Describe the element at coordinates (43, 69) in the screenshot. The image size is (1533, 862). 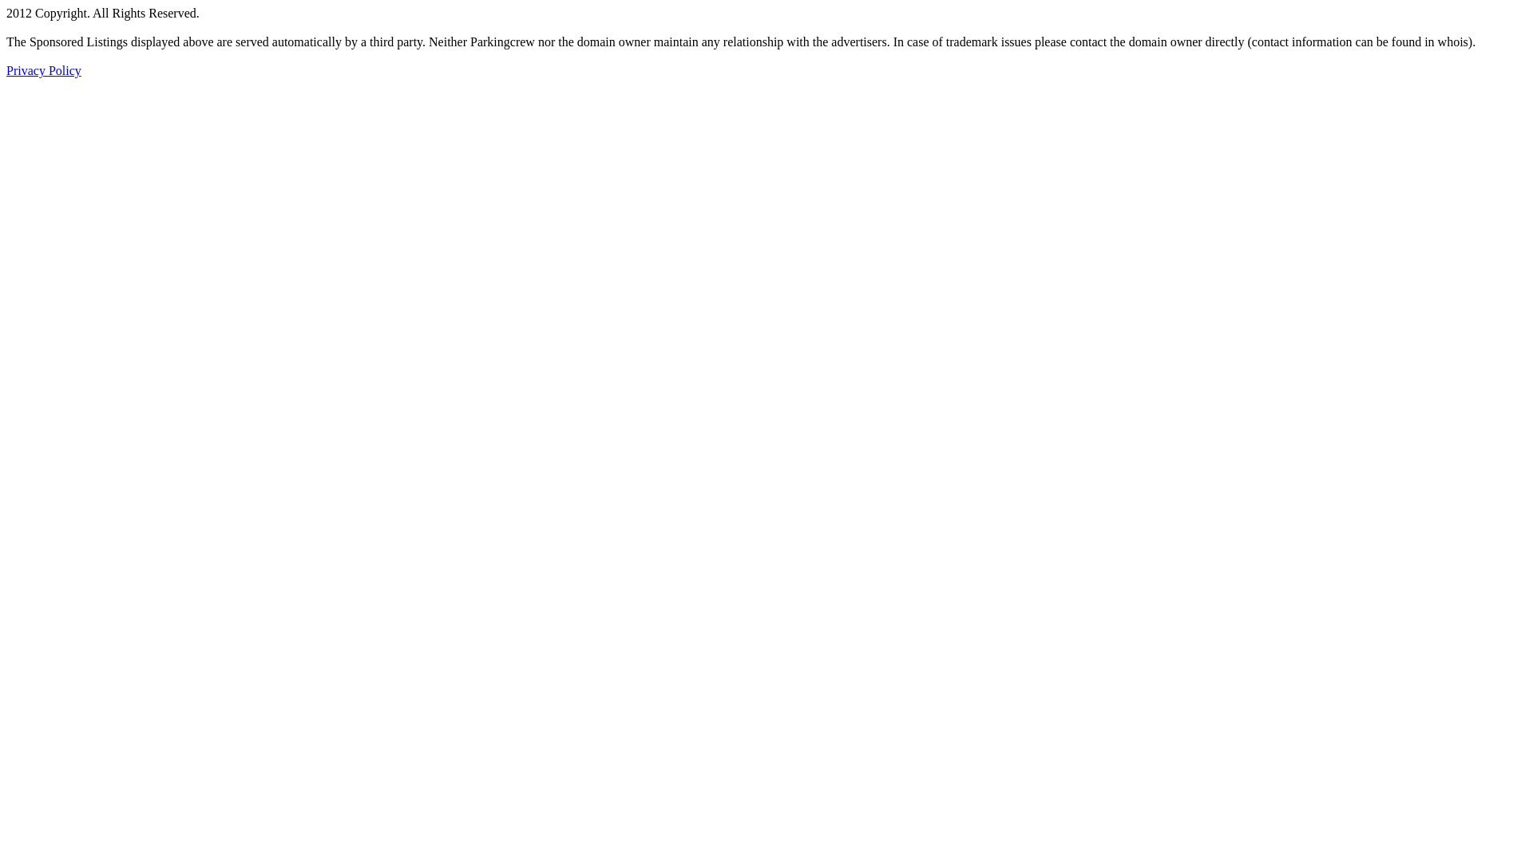
I see `'Privacy Policy'` at that location.